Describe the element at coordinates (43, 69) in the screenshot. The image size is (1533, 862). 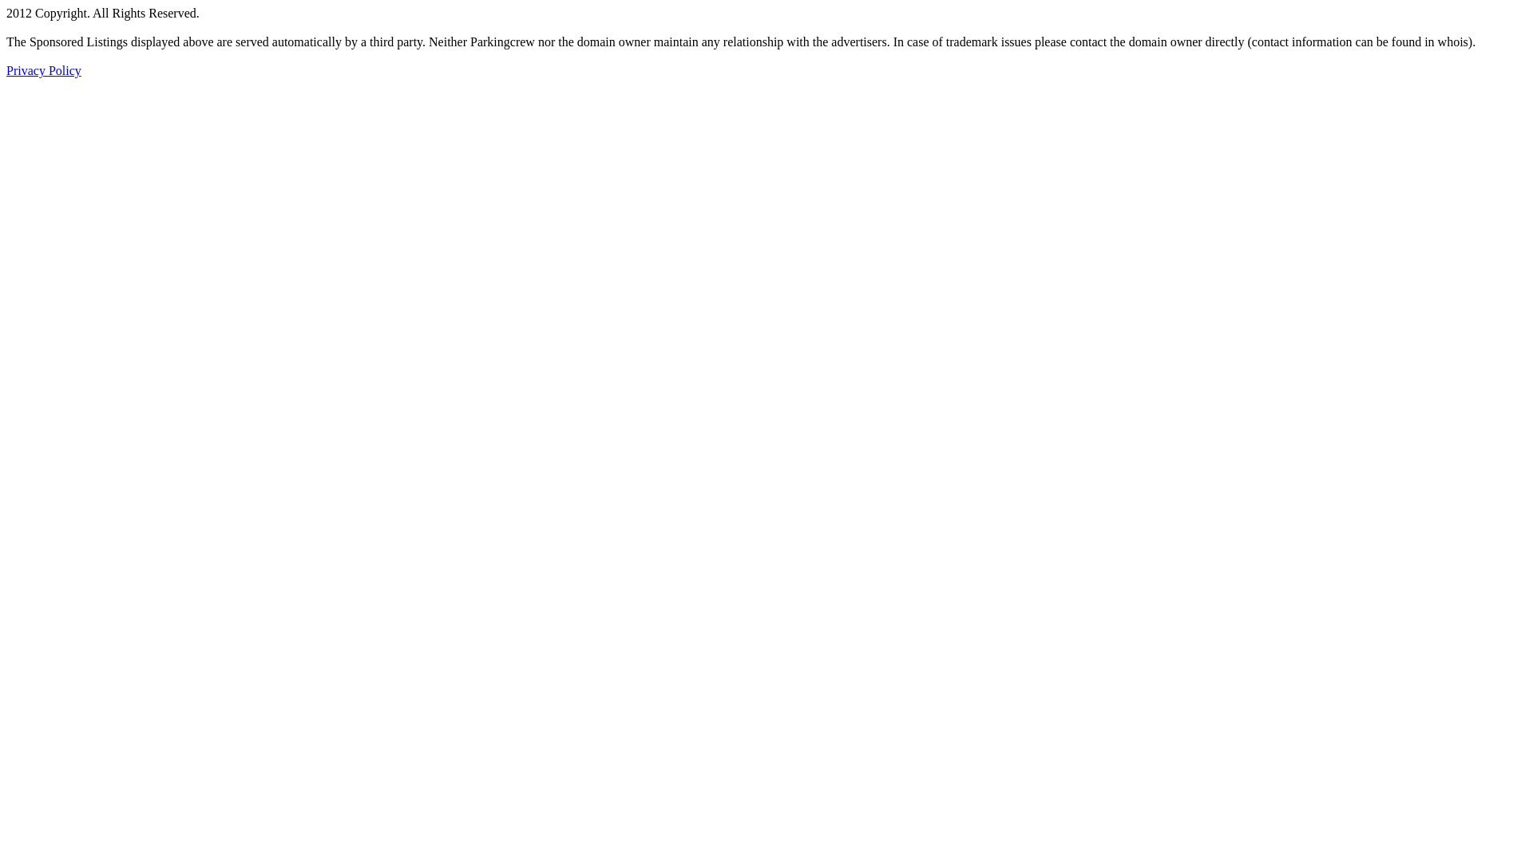
I see `'Privacy Policy'` at that location.